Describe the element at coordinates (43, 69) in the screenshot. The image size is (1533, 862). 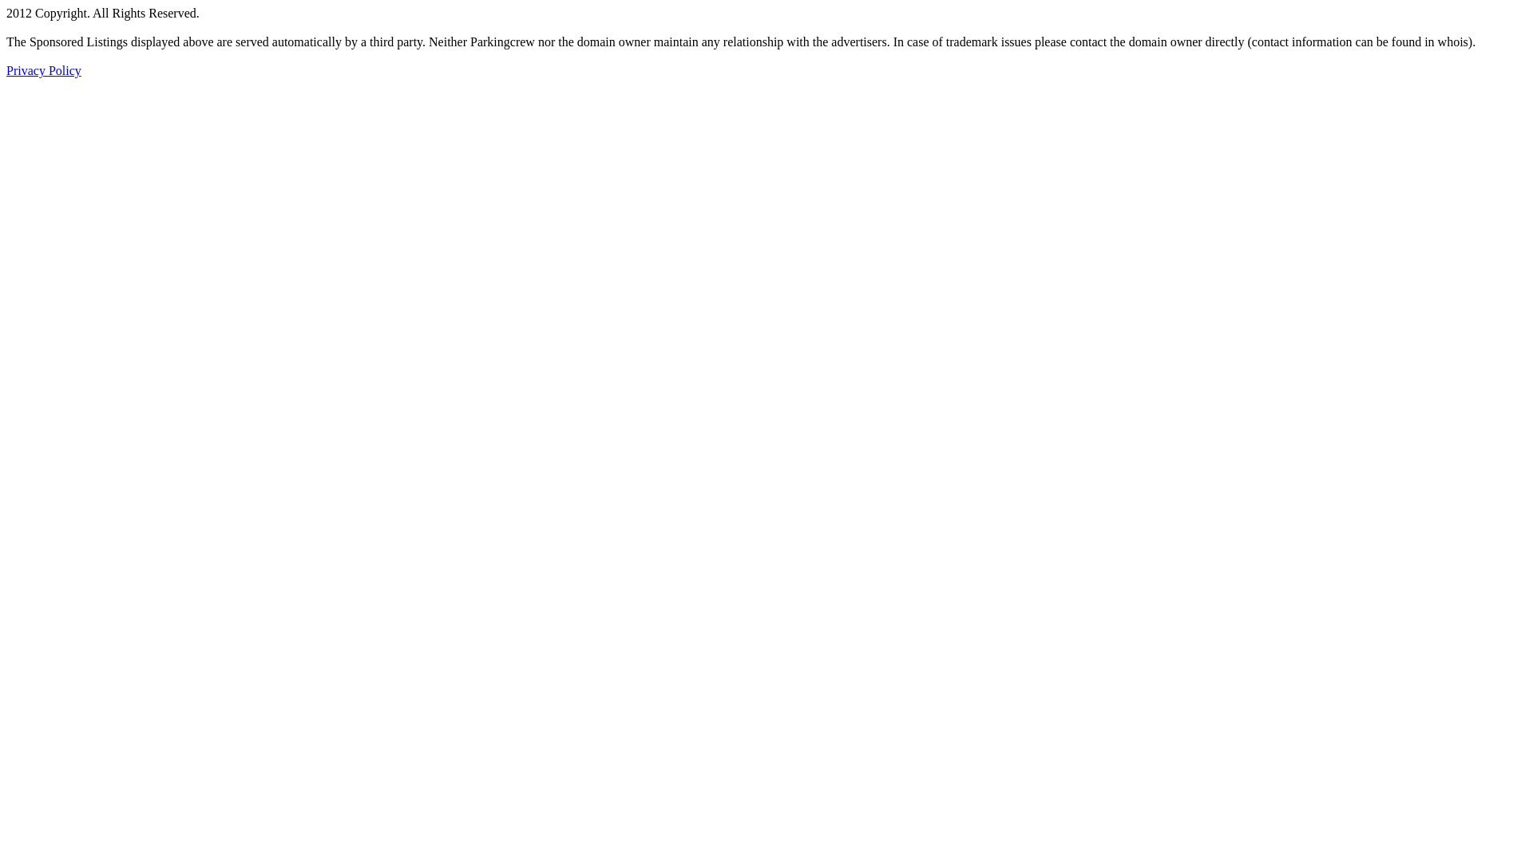
I see `'Privacy Policy'` at that location.